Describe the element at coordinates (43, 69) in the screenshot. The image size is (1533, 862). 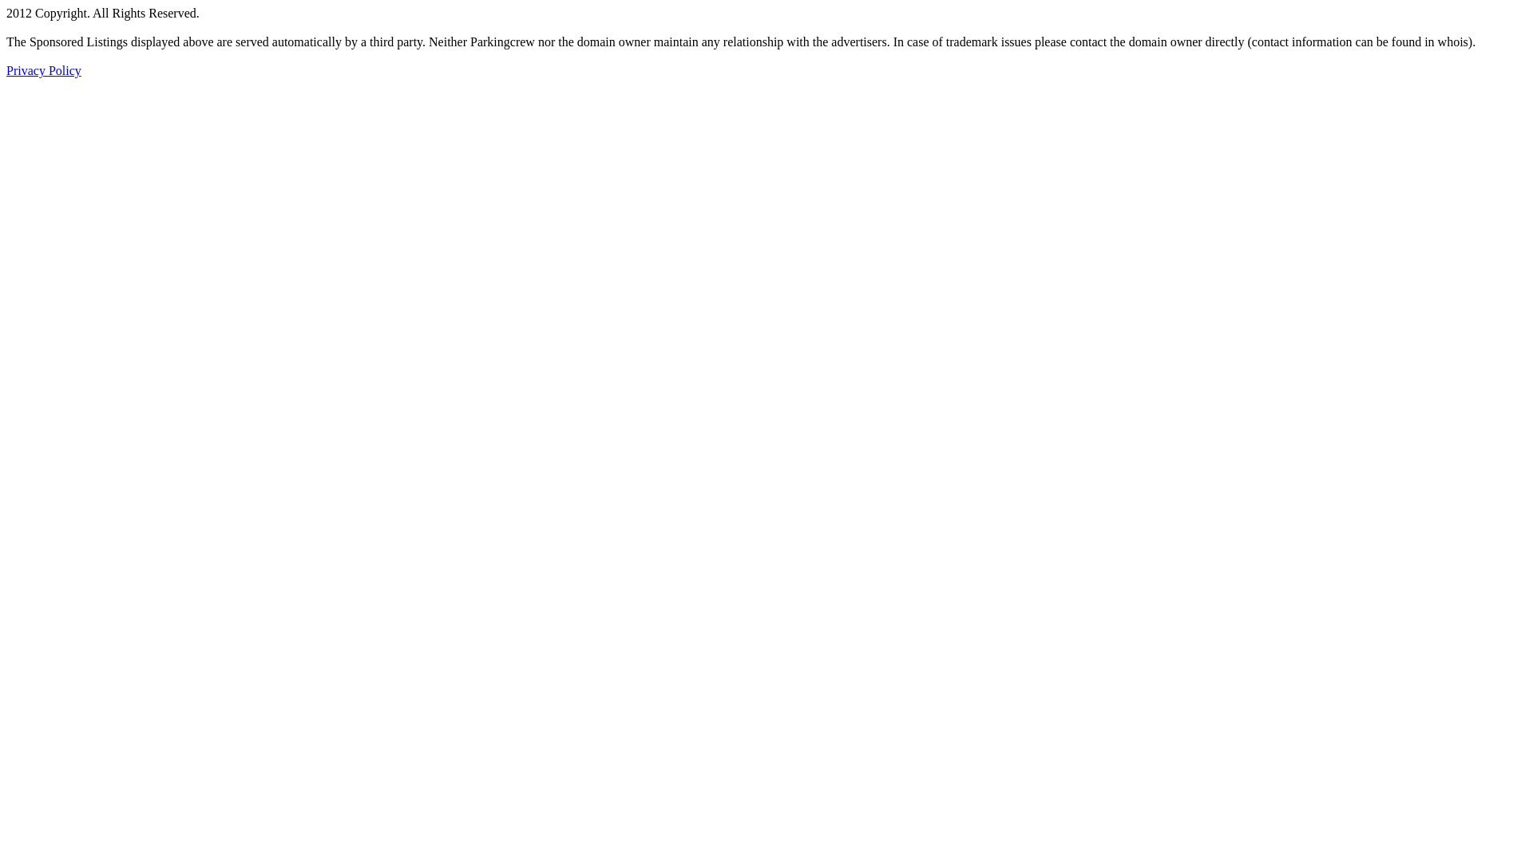
I see `'Privacy Policy'` at that location.